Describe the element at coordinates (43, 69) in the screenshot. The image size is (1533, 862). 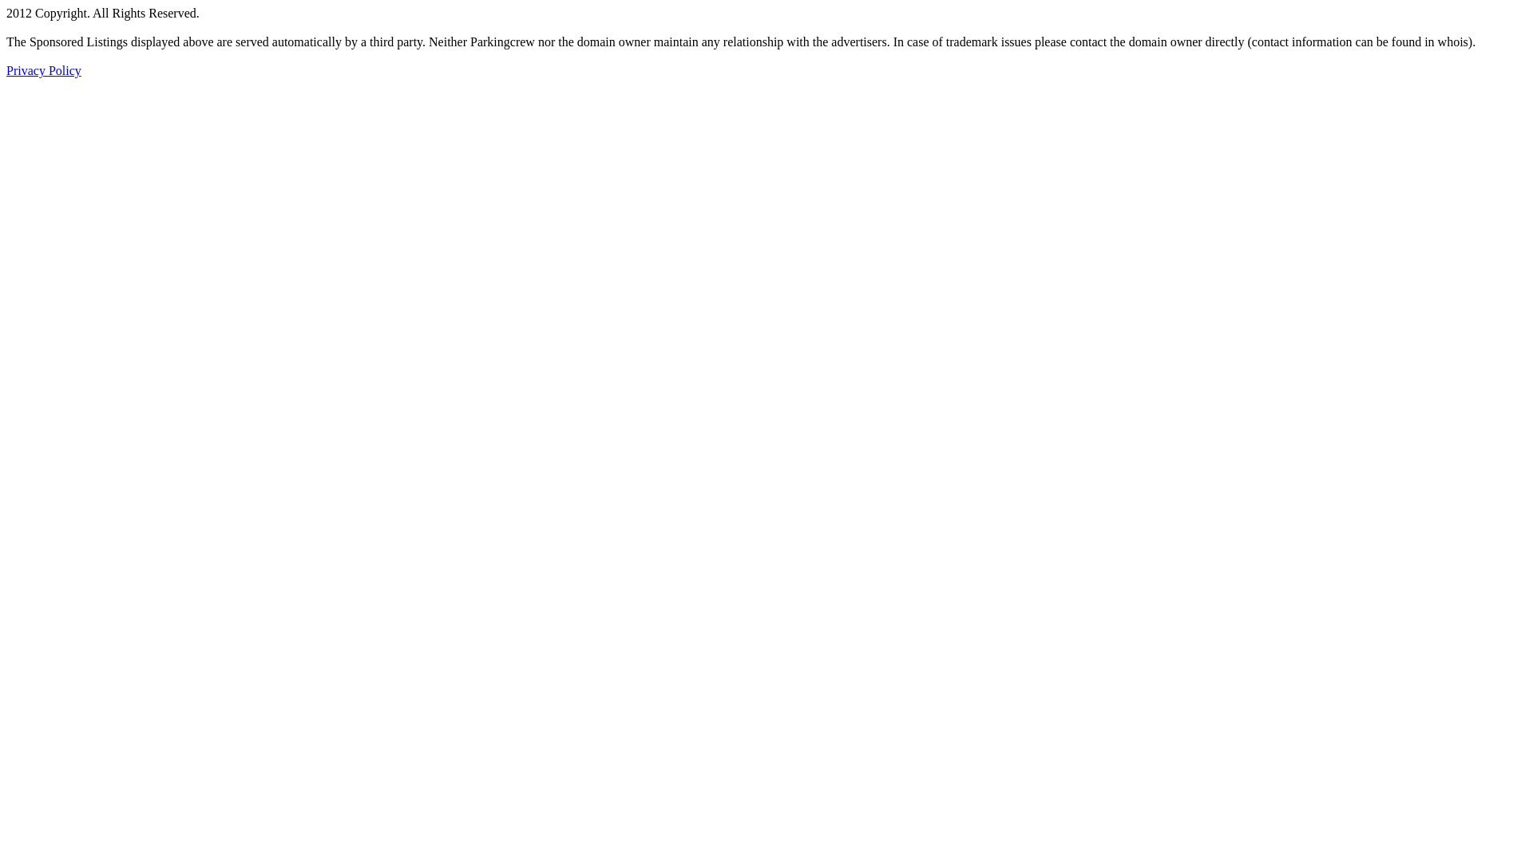
I see `'Privacy Policy'` at that location.